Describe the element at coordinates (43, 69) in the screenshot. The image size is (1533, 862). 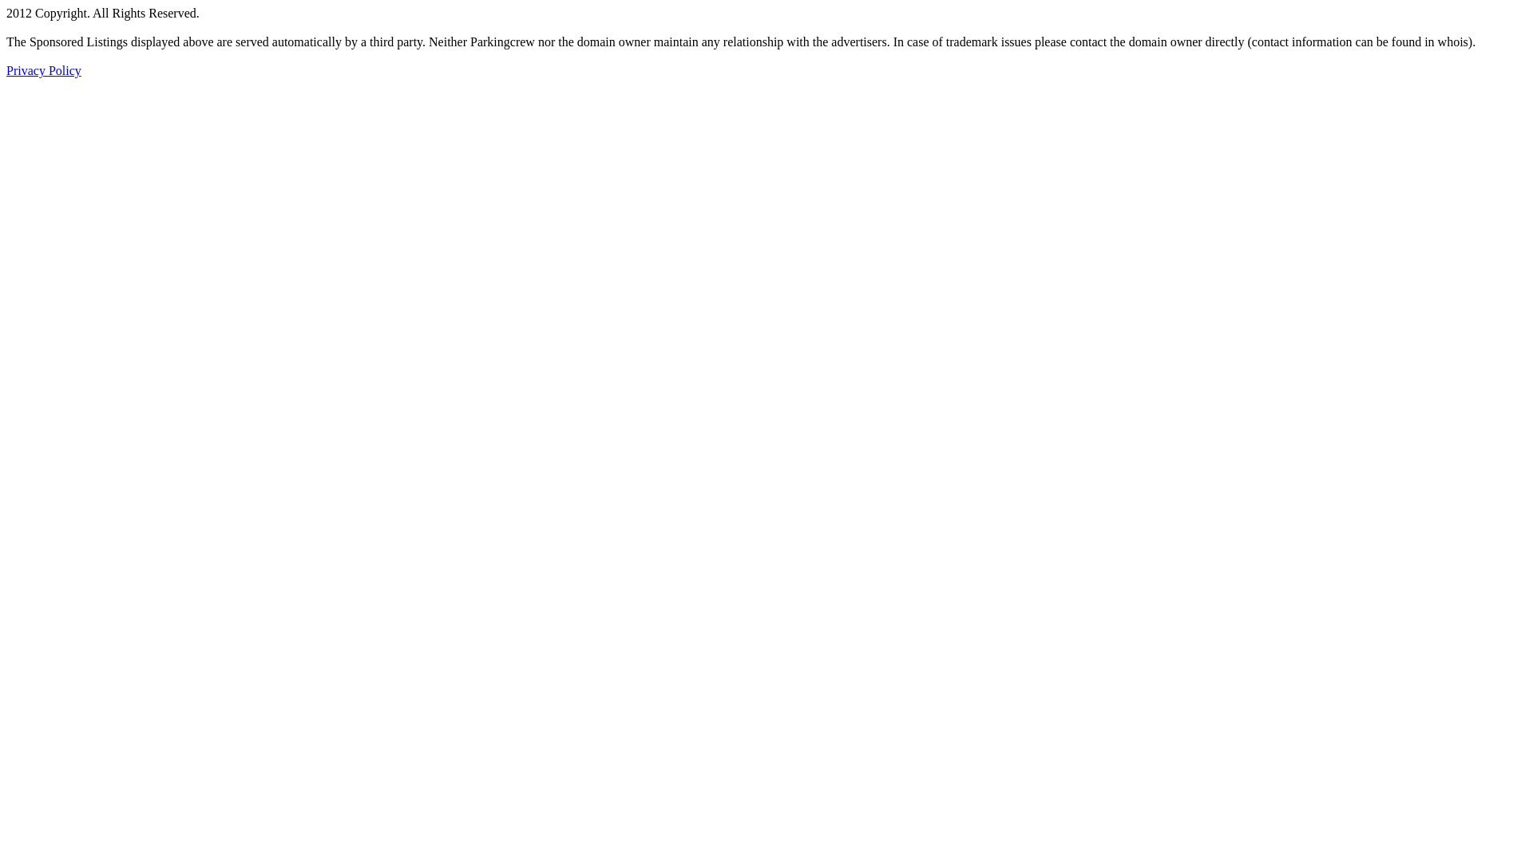
I see `'Privacy Policy'` at that location.